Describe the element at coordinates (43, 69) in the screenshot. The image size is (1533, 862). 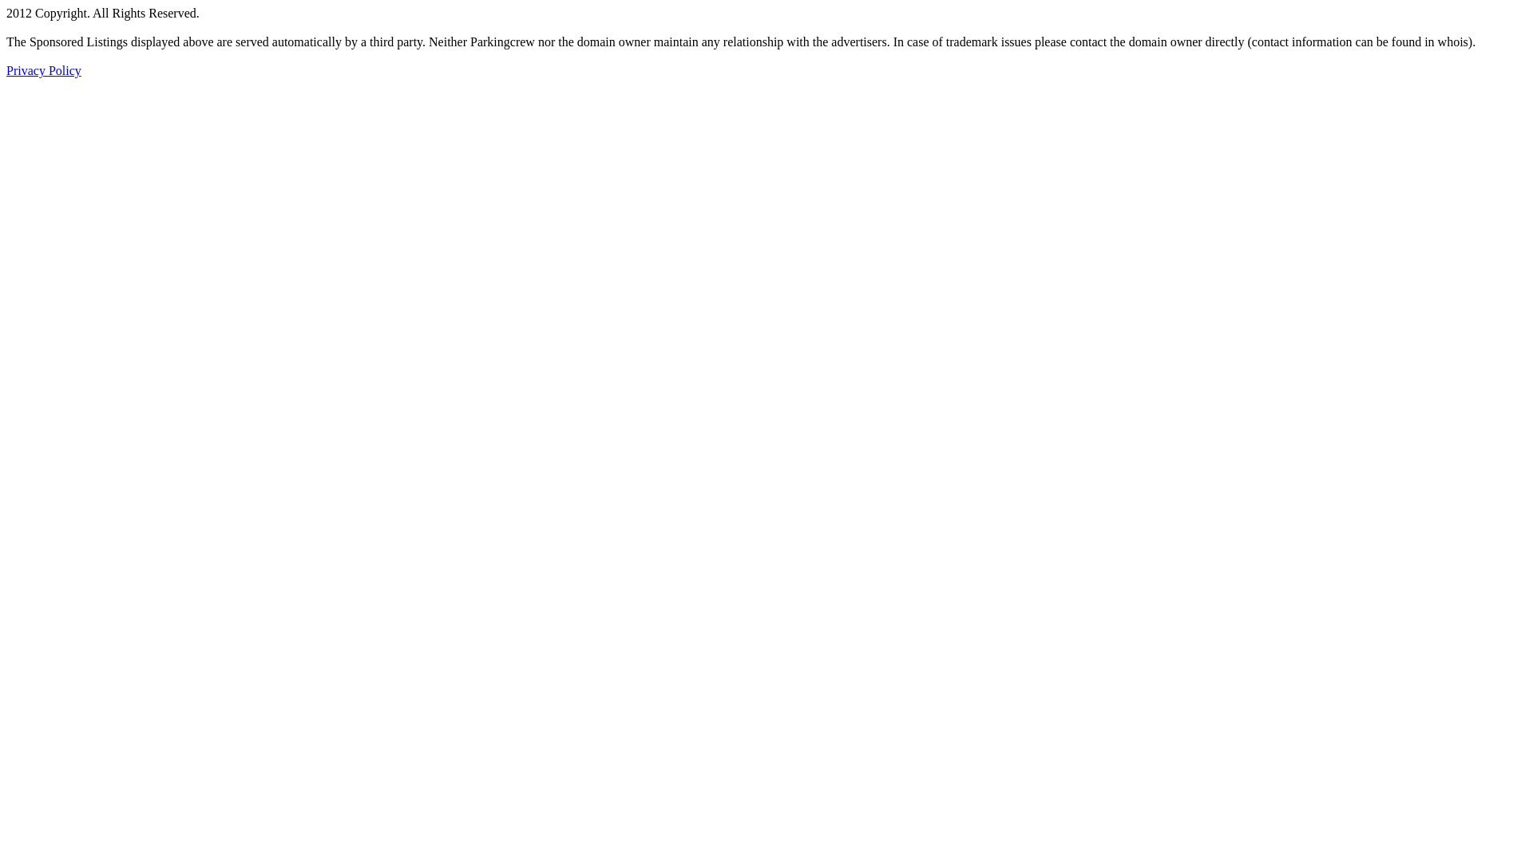
I see `'Privacy Policy'` at that location.